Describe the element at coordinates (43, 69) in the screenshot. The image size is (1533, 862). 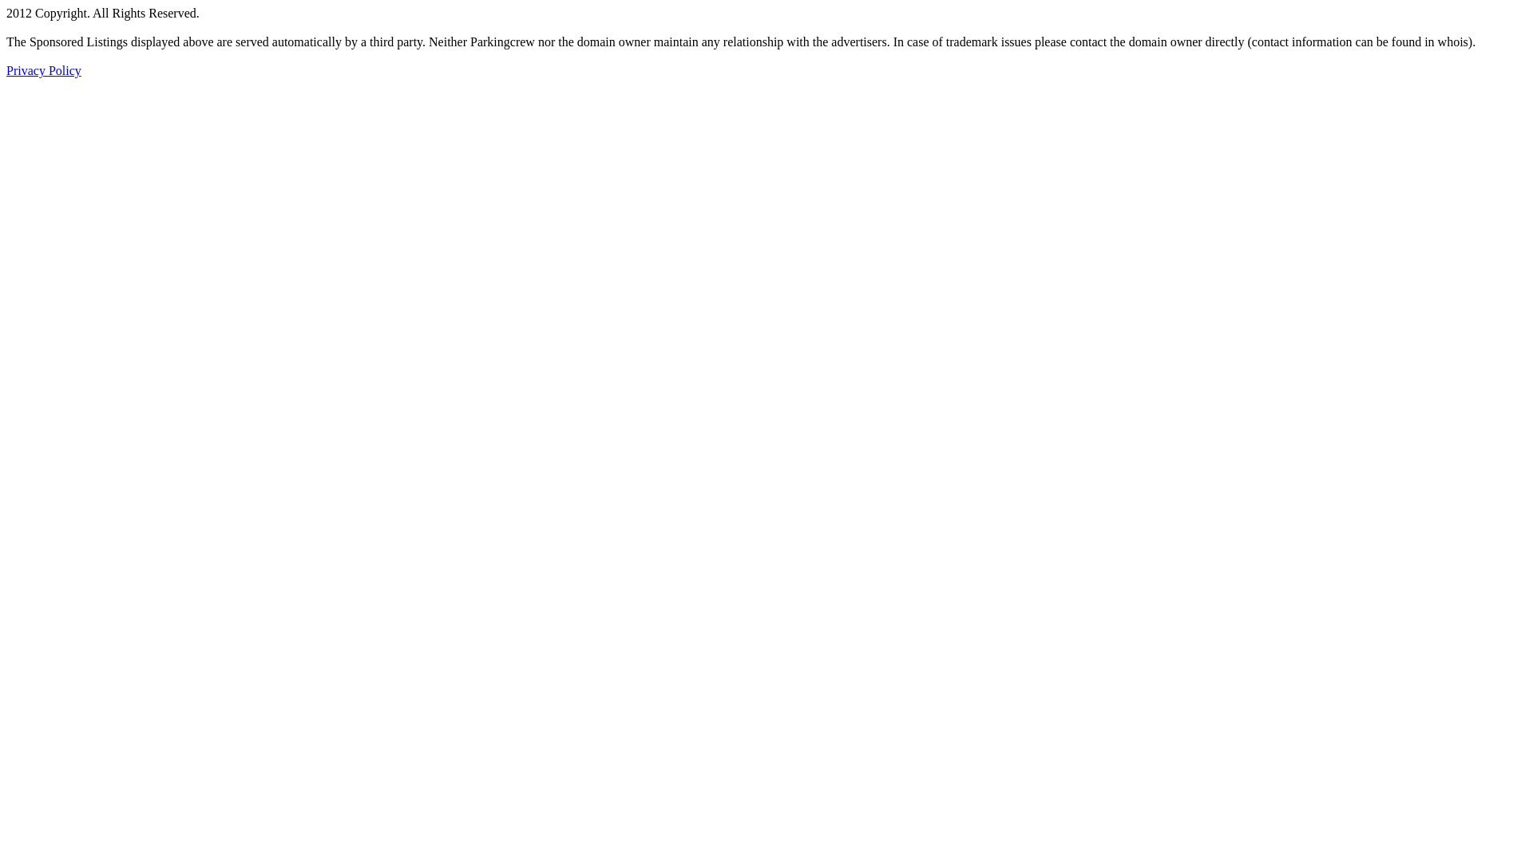
I see `'Privacy Policy'` at that location.